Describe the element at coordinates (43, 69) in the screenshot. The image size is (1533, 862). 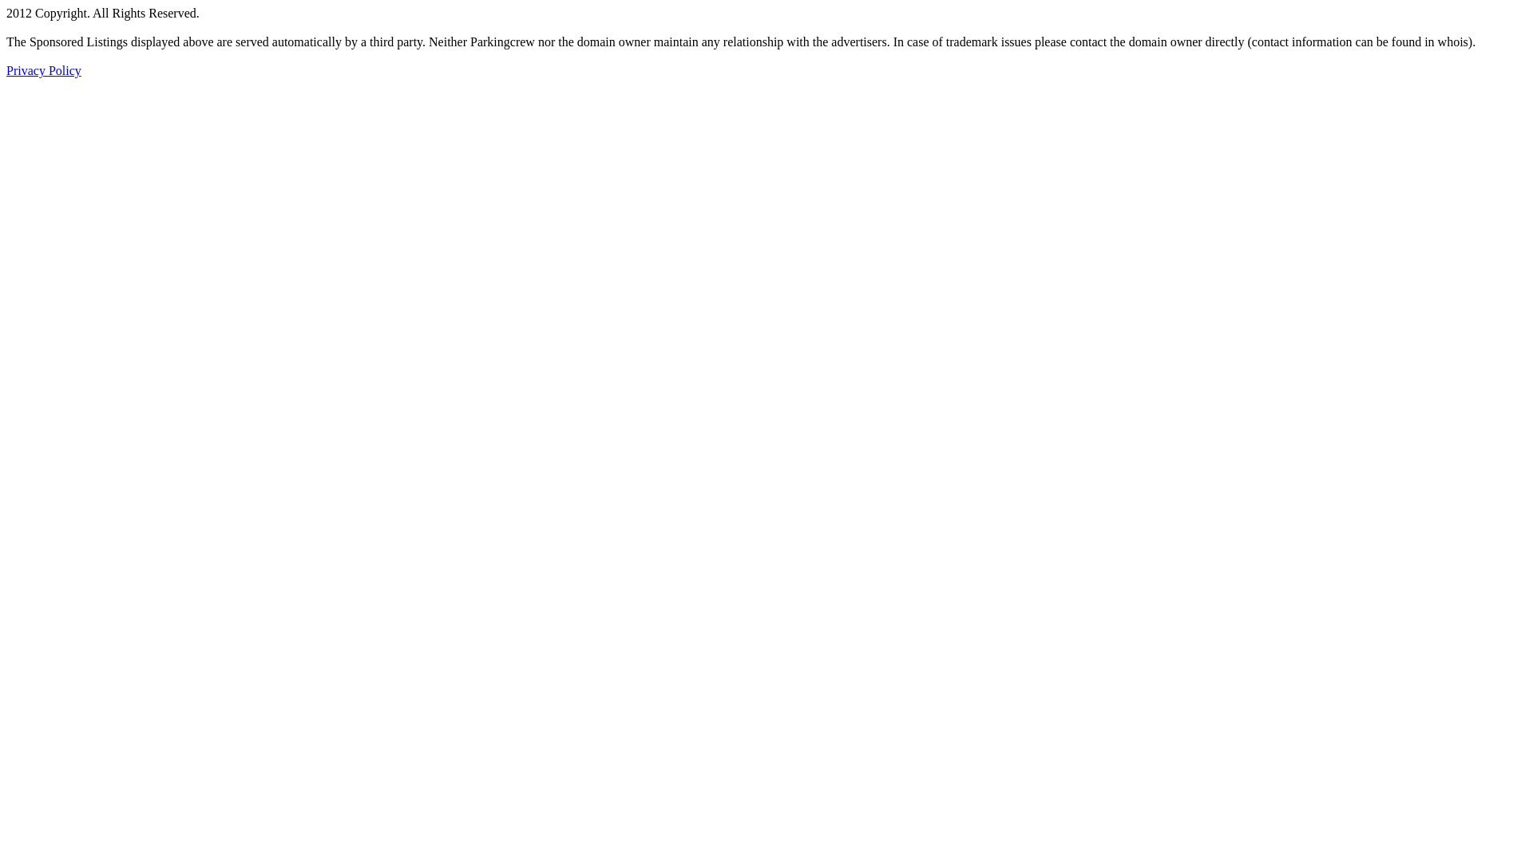
I see `'Privacy Policy'` at that location.